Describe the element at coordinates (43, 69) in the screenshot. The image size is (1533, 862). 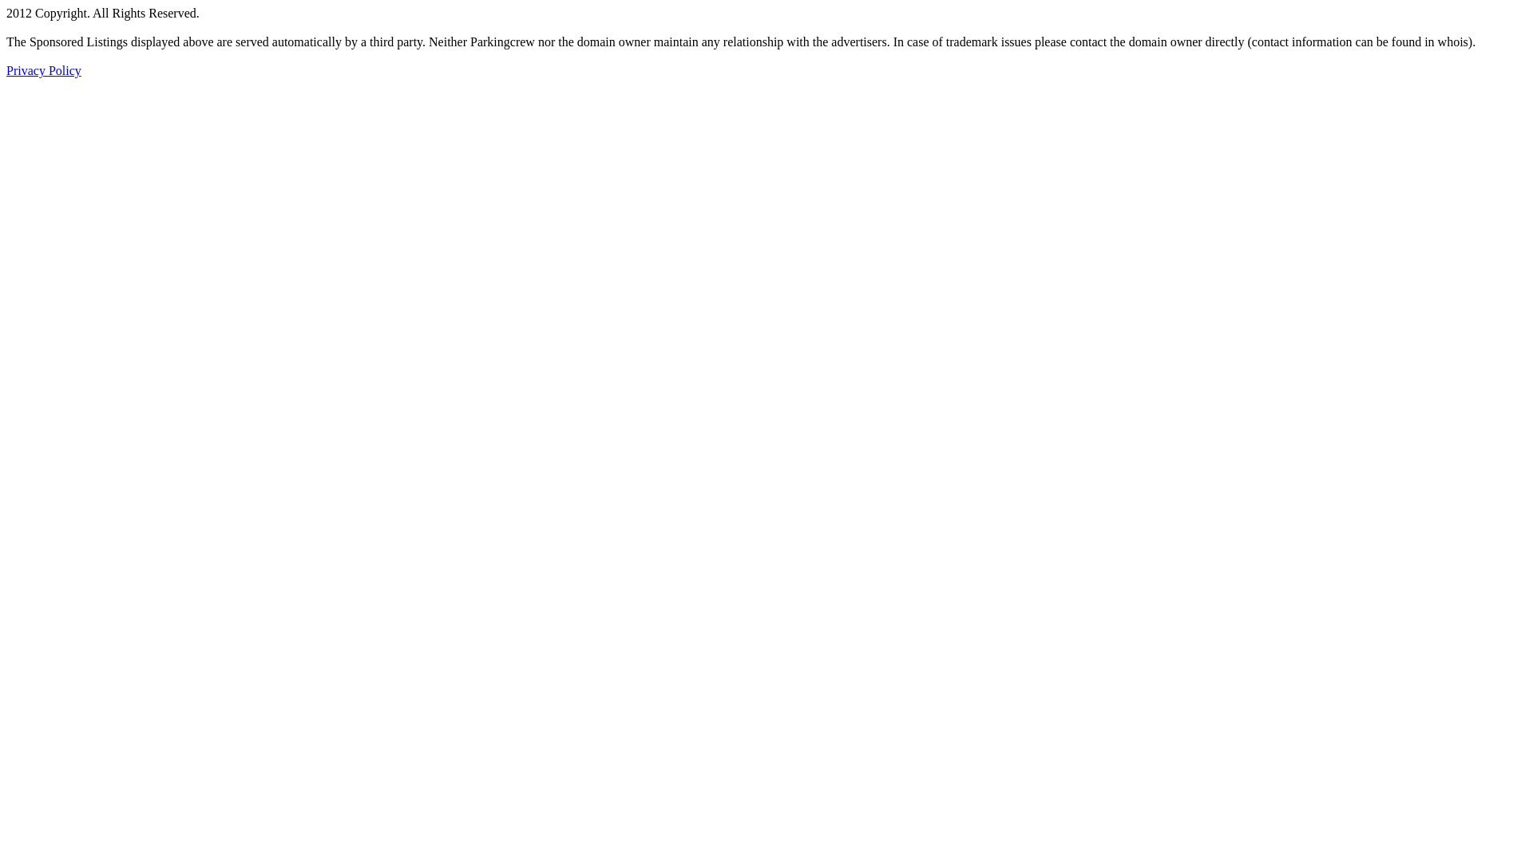
I see `'Privacy Policy'` at that location.